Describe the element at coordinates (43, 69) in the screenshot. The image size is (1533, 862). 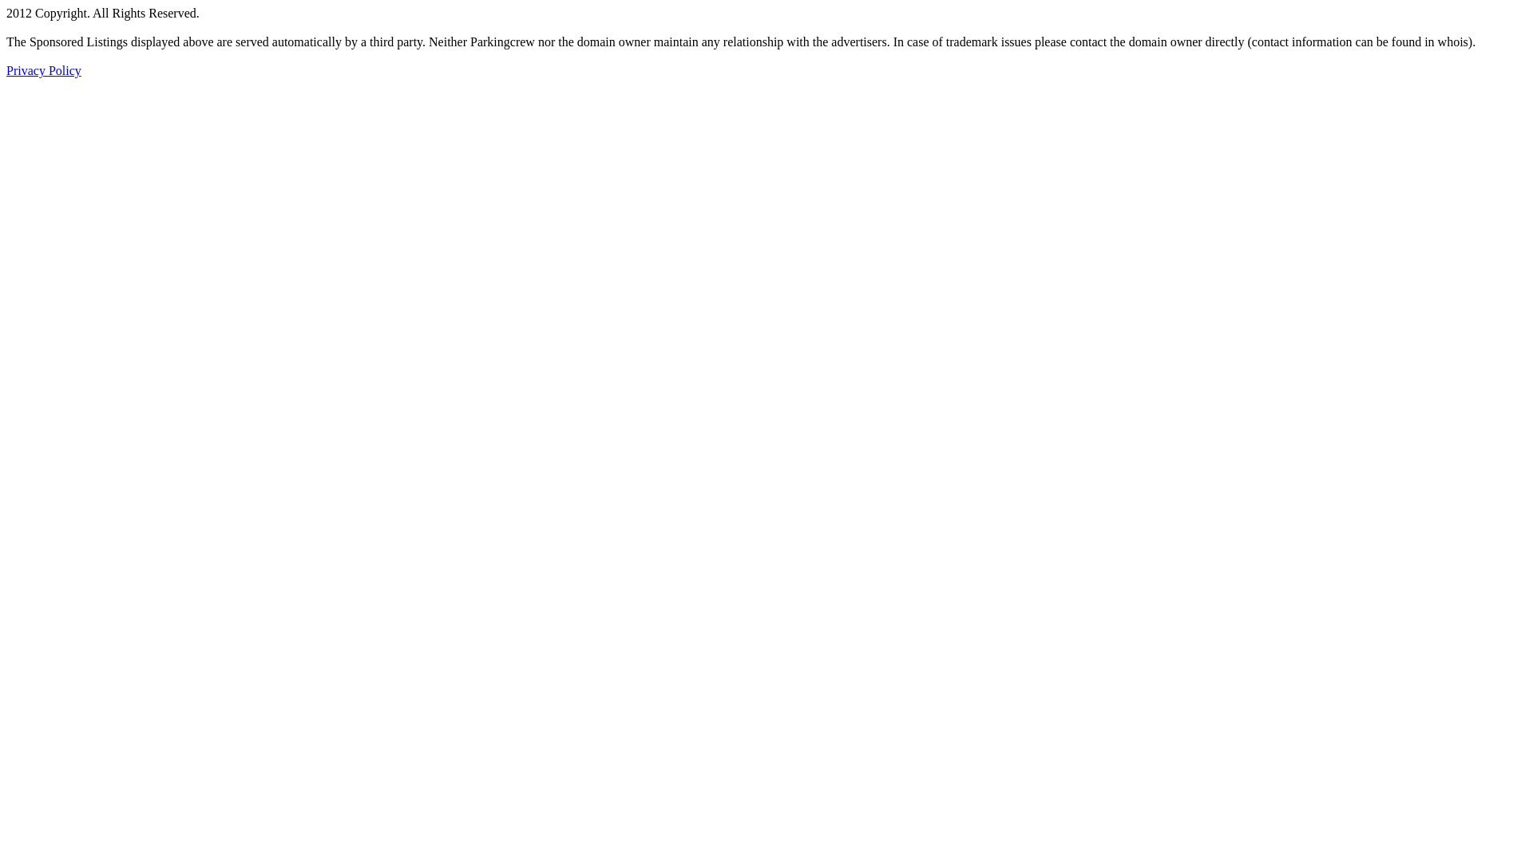
I see `'Privacy Policy'` at that location.